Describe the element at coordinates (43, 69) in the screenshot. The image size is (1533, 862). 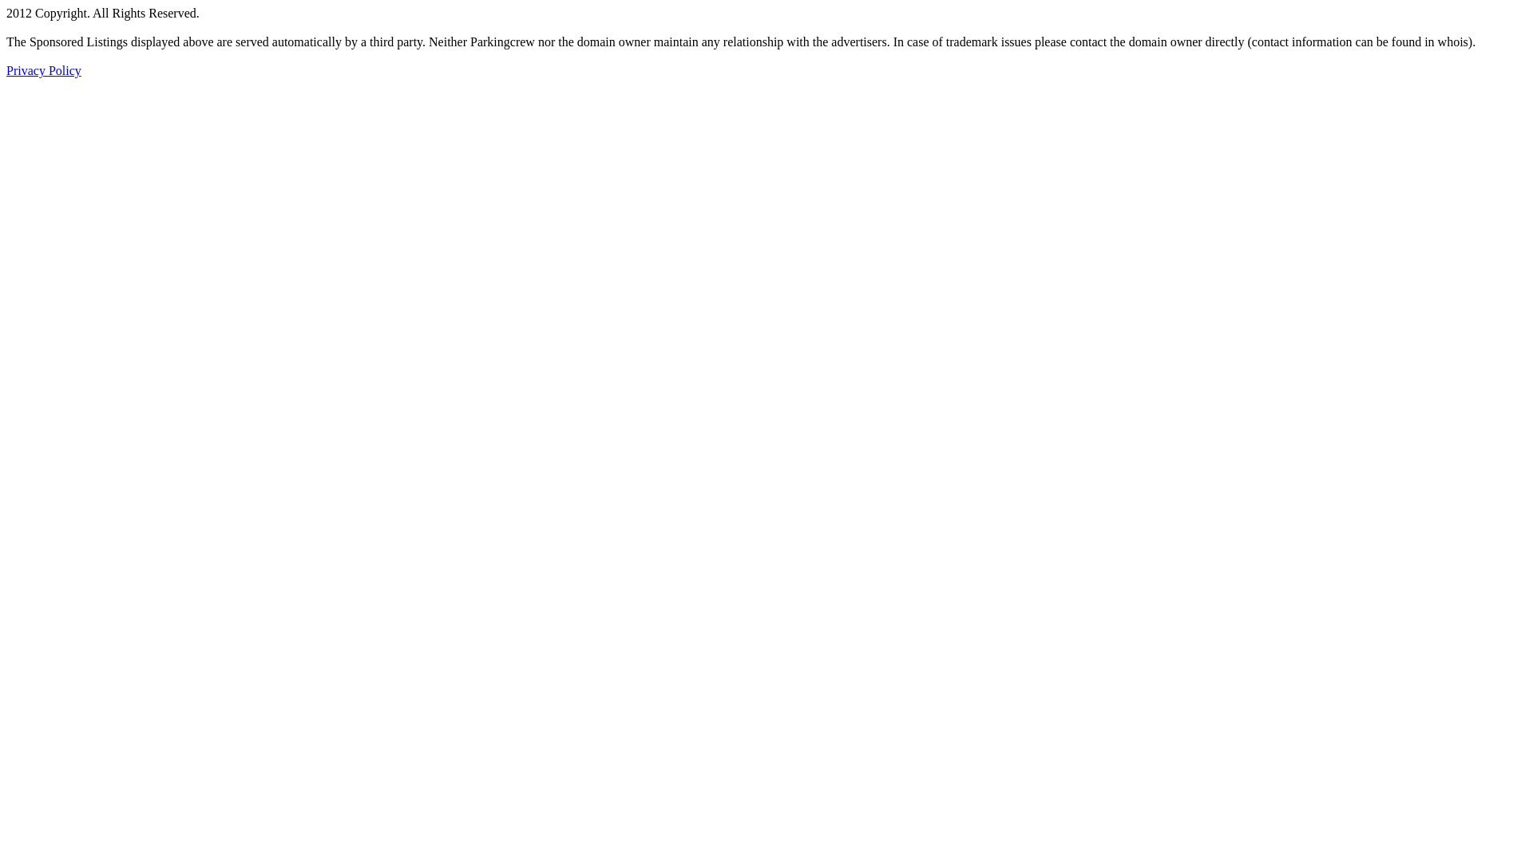
I see `'Privacy Policy'` at that location.